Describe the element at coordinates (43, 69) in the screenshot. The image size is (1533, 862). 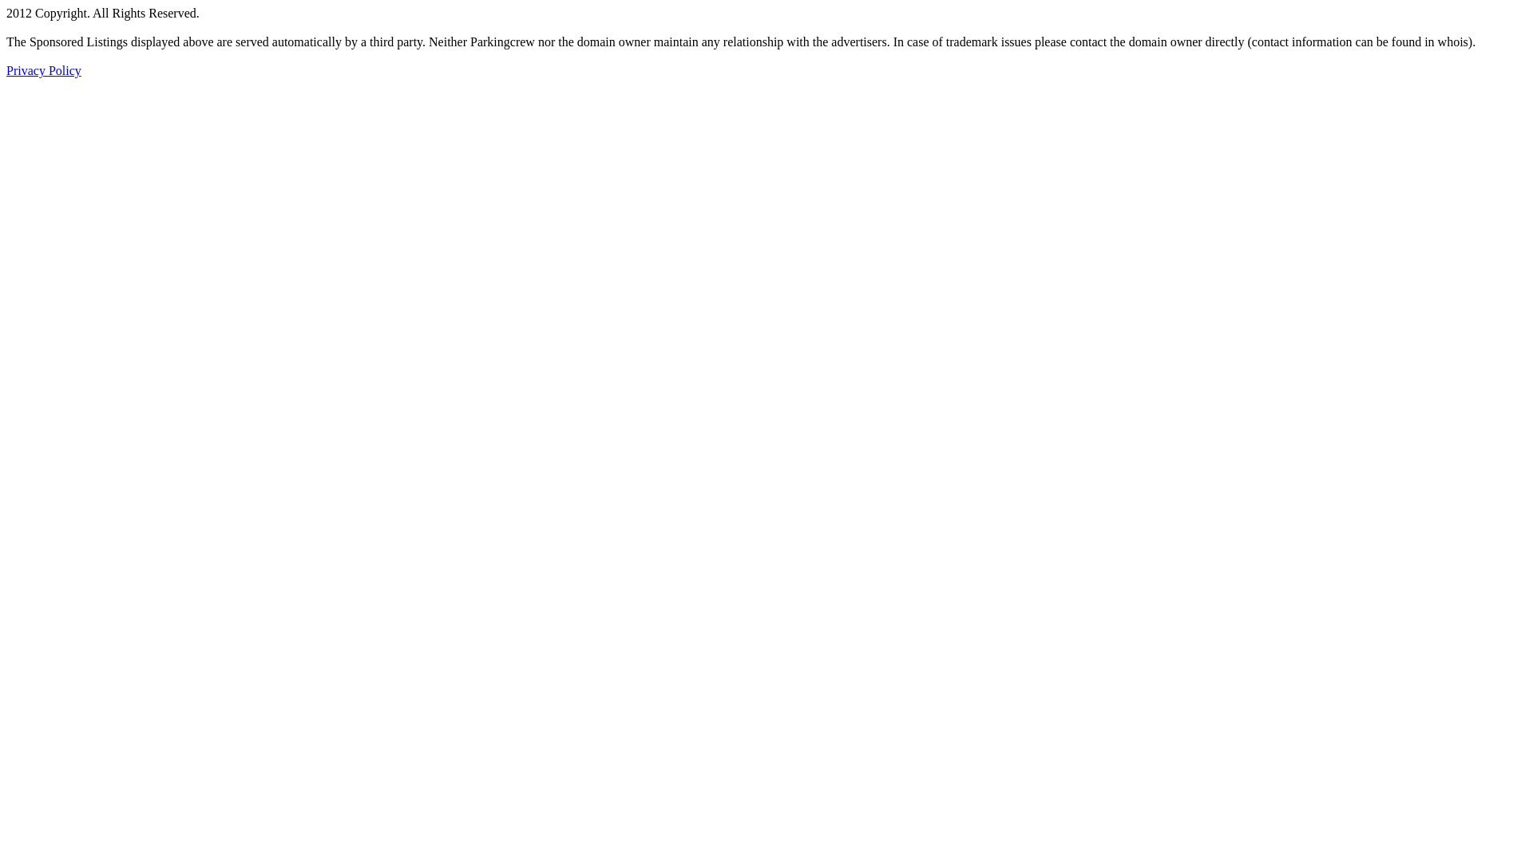
I see `'Privacy Policy'` at that location.